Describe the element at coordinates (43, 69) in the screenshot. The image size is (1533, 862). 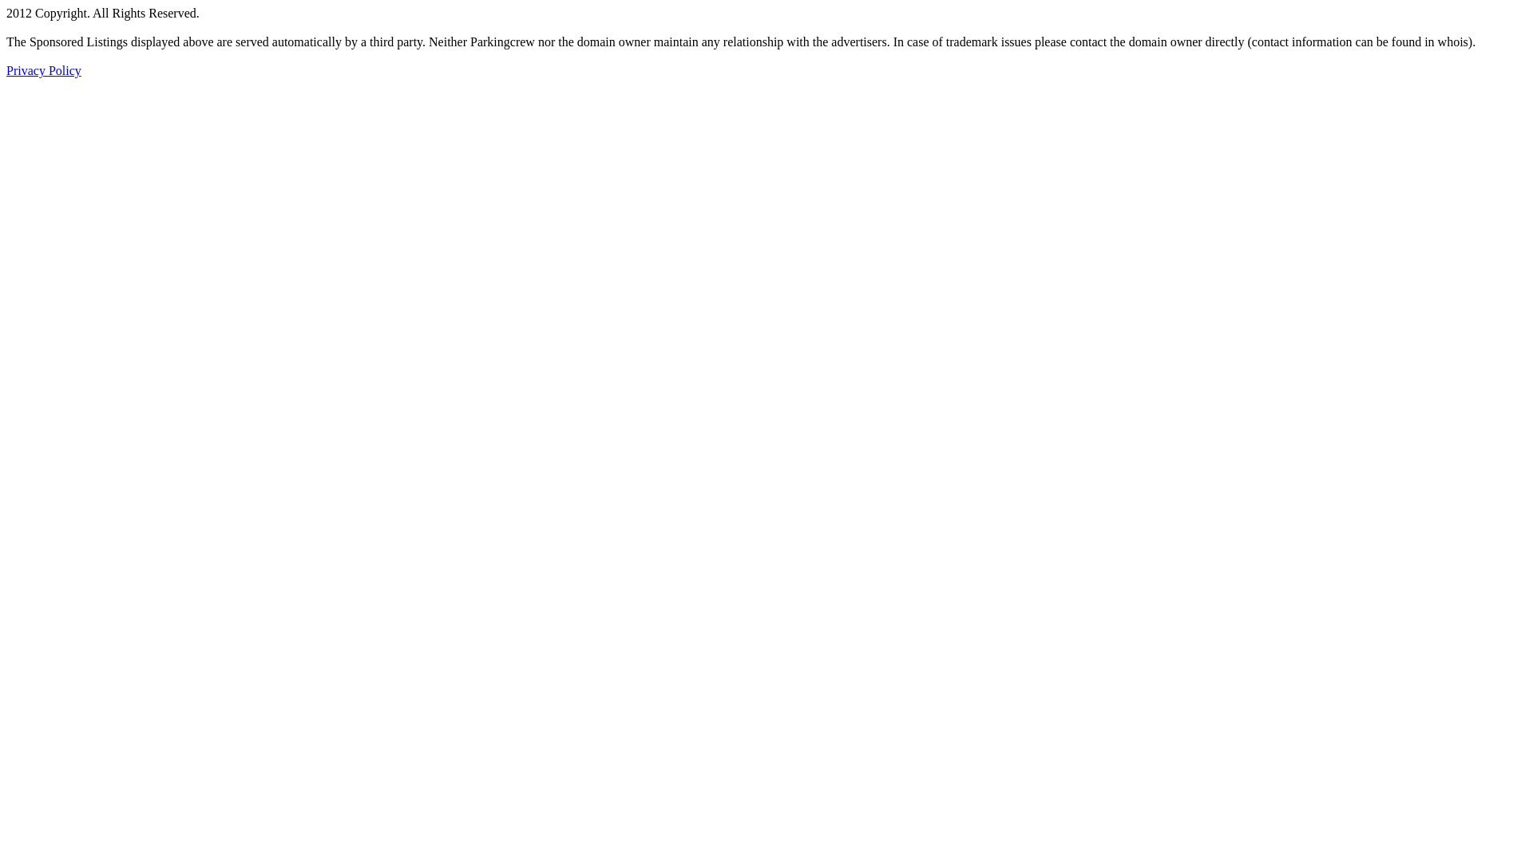
I see `'Privacy Policy'` at that location.